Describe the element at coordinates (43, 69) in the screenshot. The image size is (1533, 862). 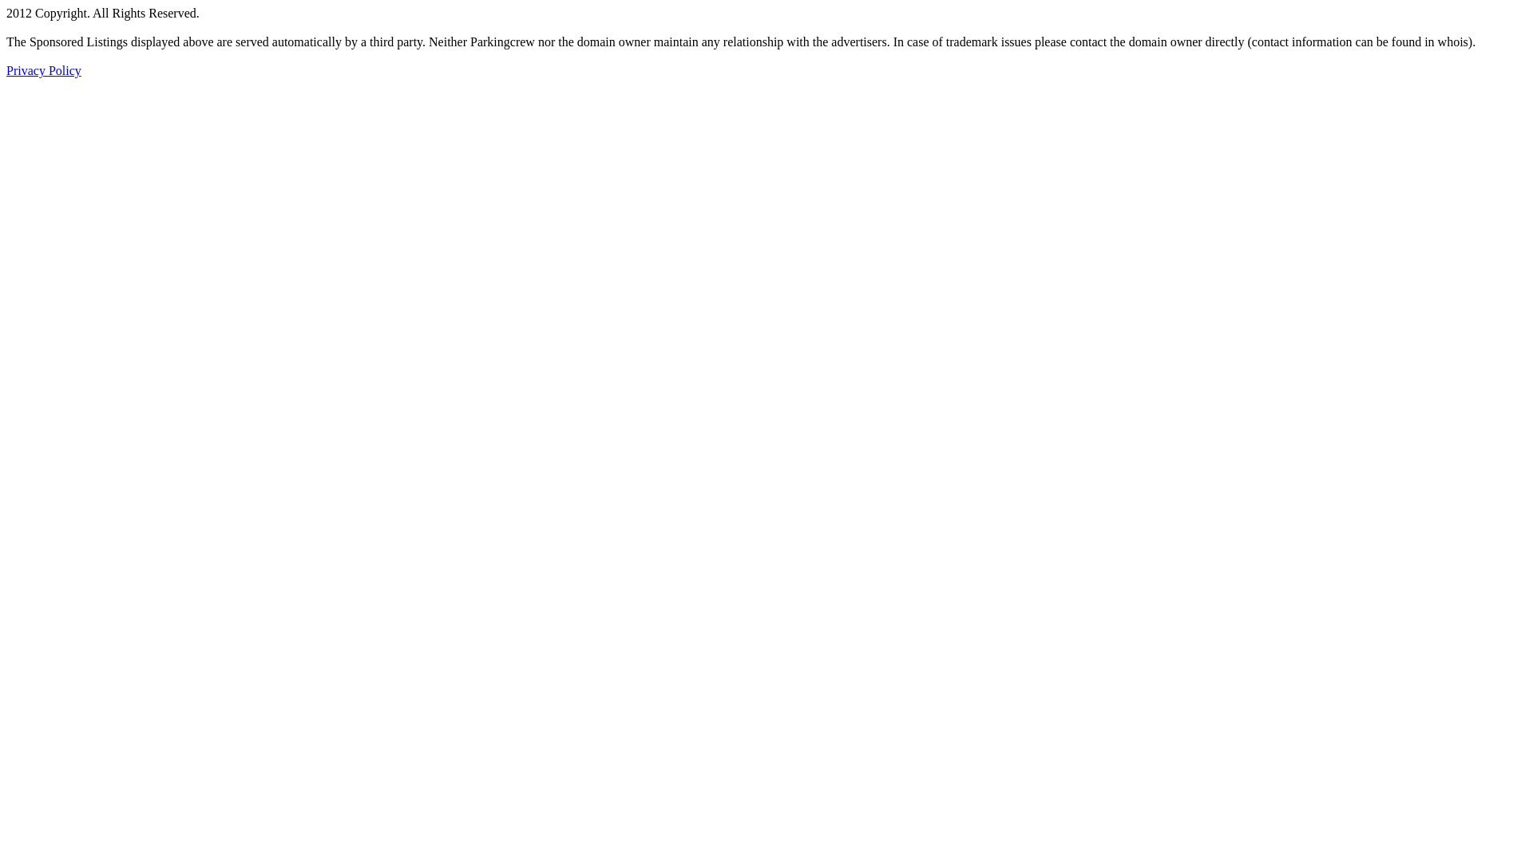
I see `'Privacy Policy'` at that location.